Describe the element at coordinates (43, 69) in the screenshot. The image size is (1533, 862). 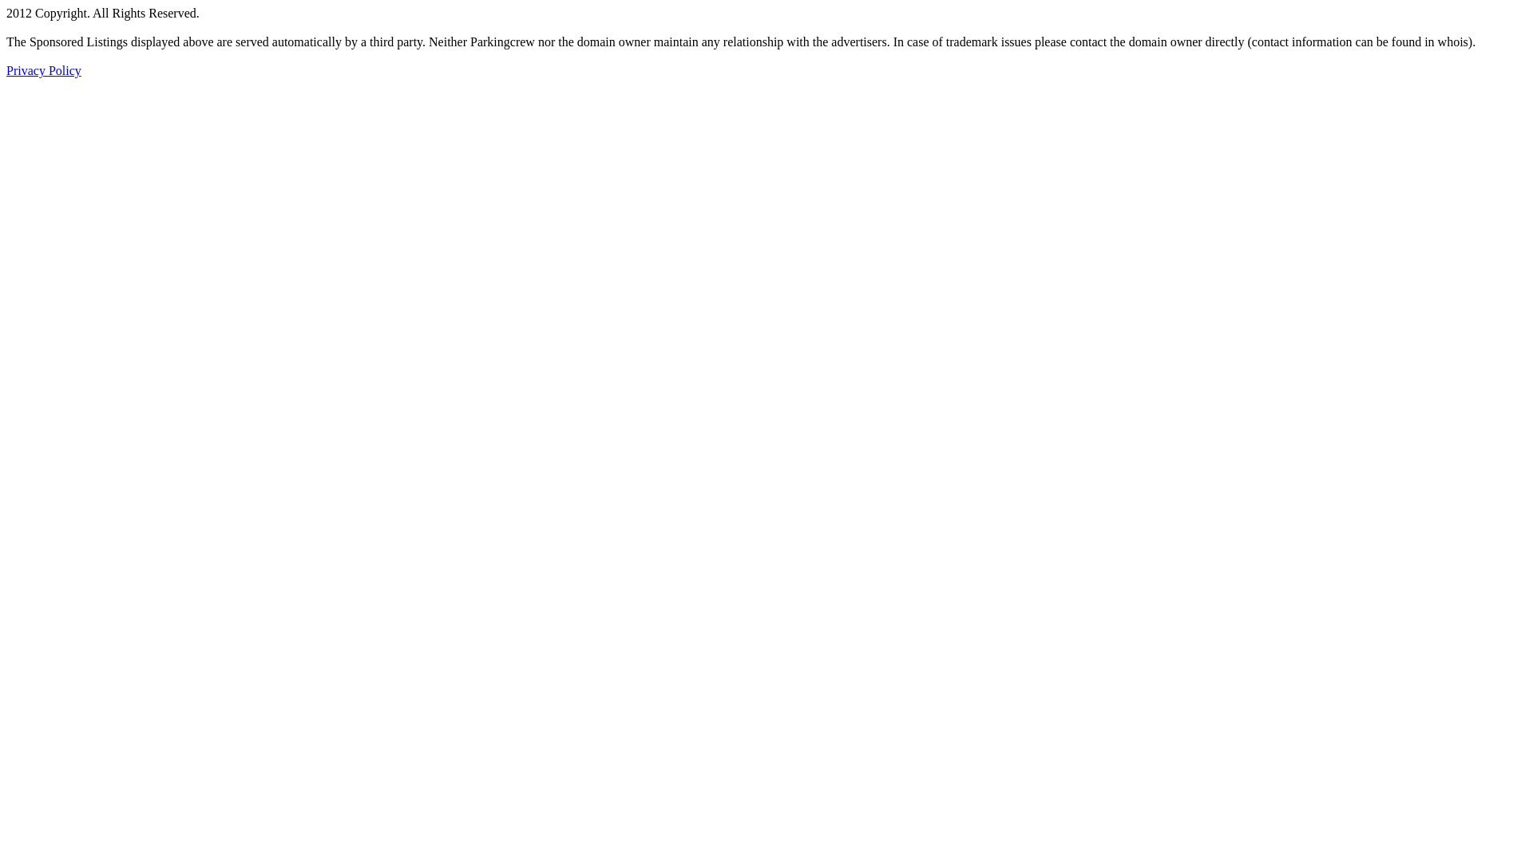
I see `'Privacy Policy'` at that location.